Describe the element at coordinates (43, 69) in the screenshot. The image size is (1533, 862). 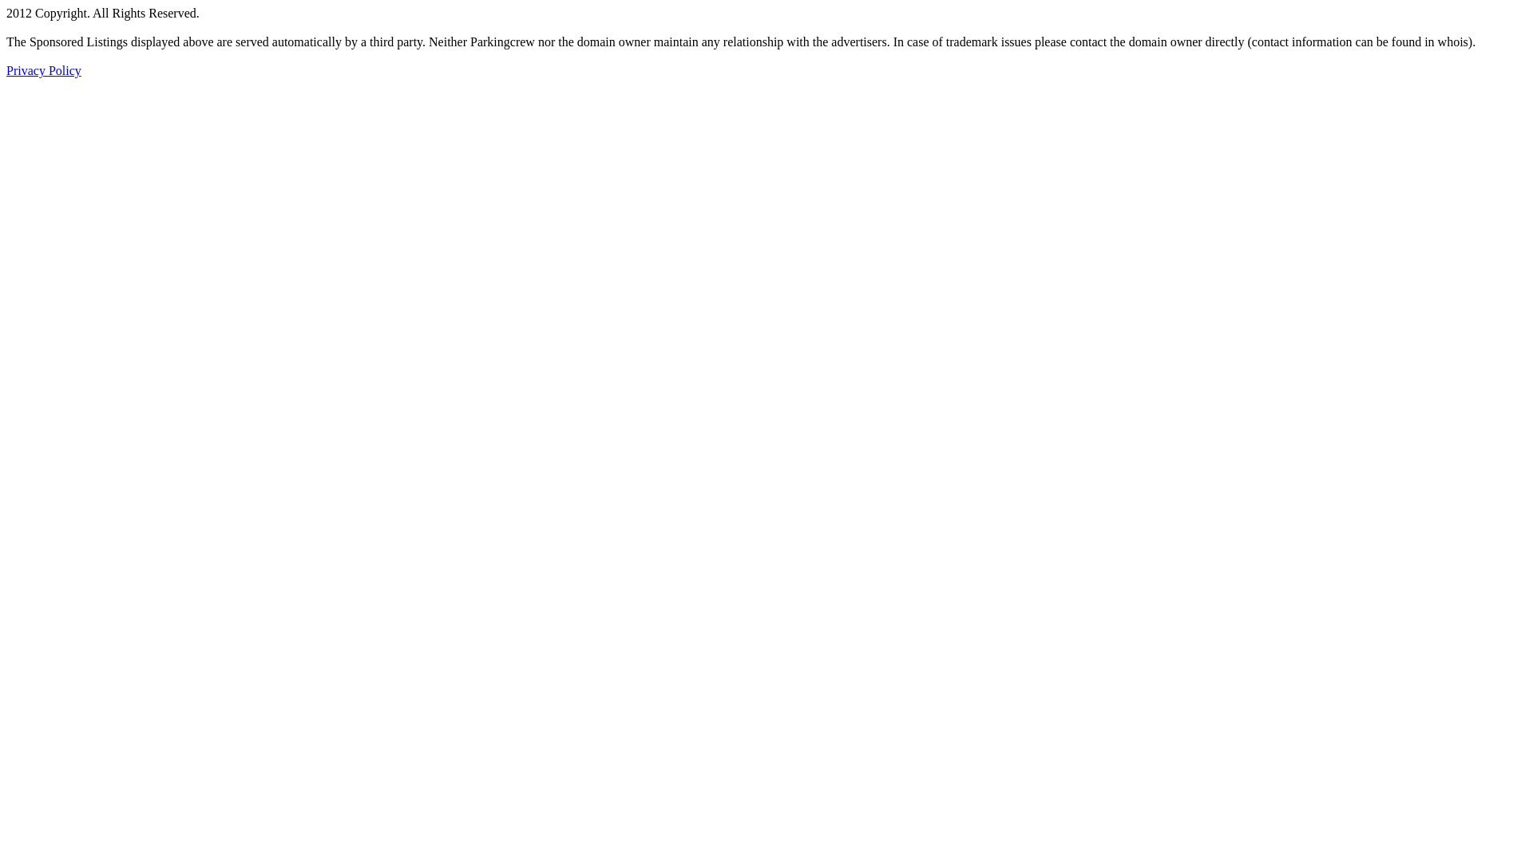
I see `'Privacy Policy'` at that location.